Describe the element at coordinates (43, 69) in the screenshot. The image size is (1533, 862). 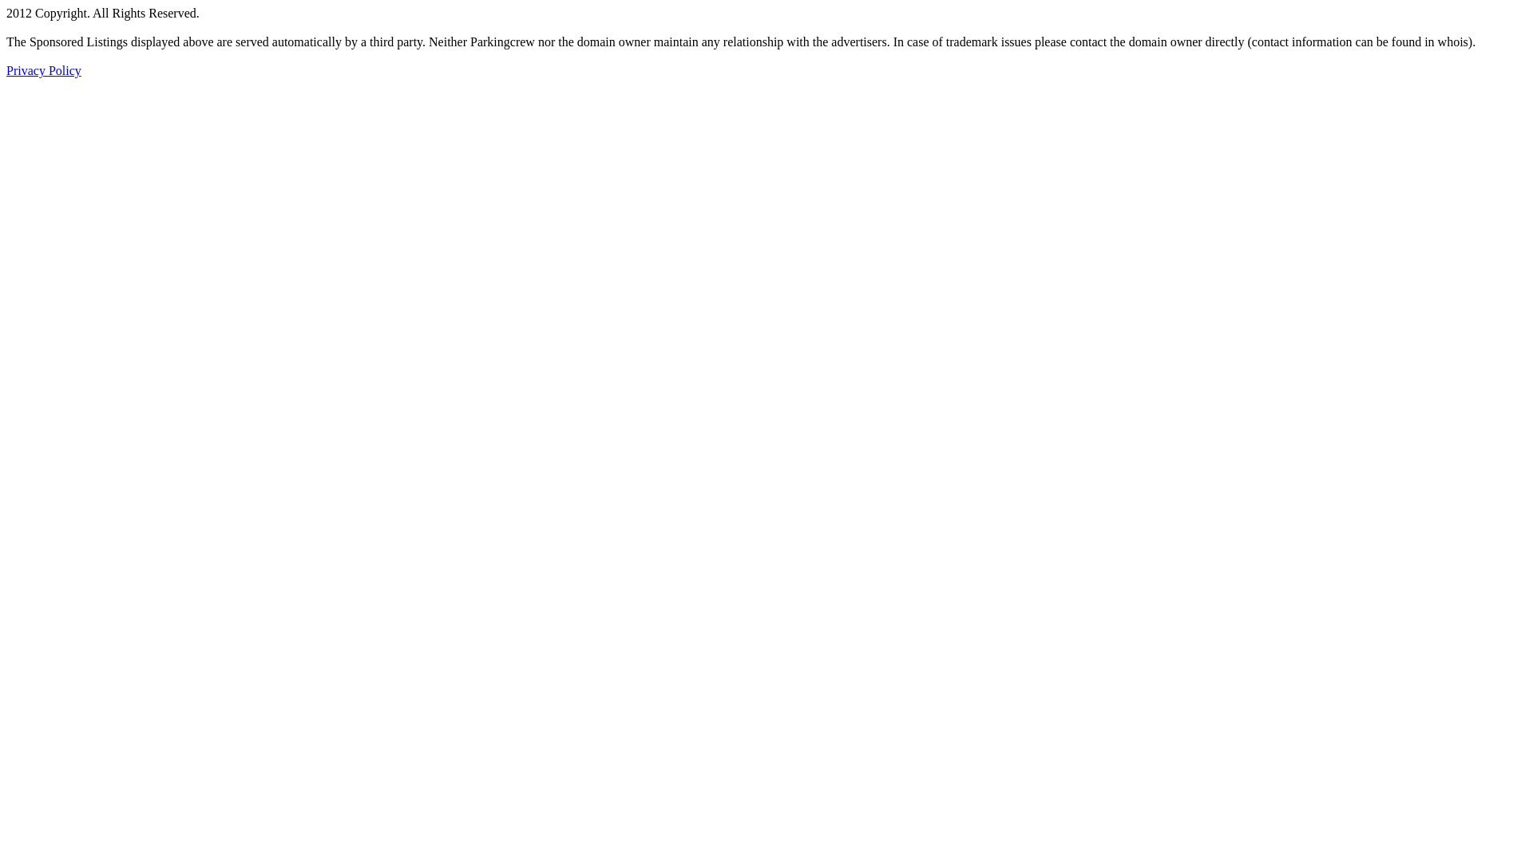
I see `'Privacy Policy'` at that location.